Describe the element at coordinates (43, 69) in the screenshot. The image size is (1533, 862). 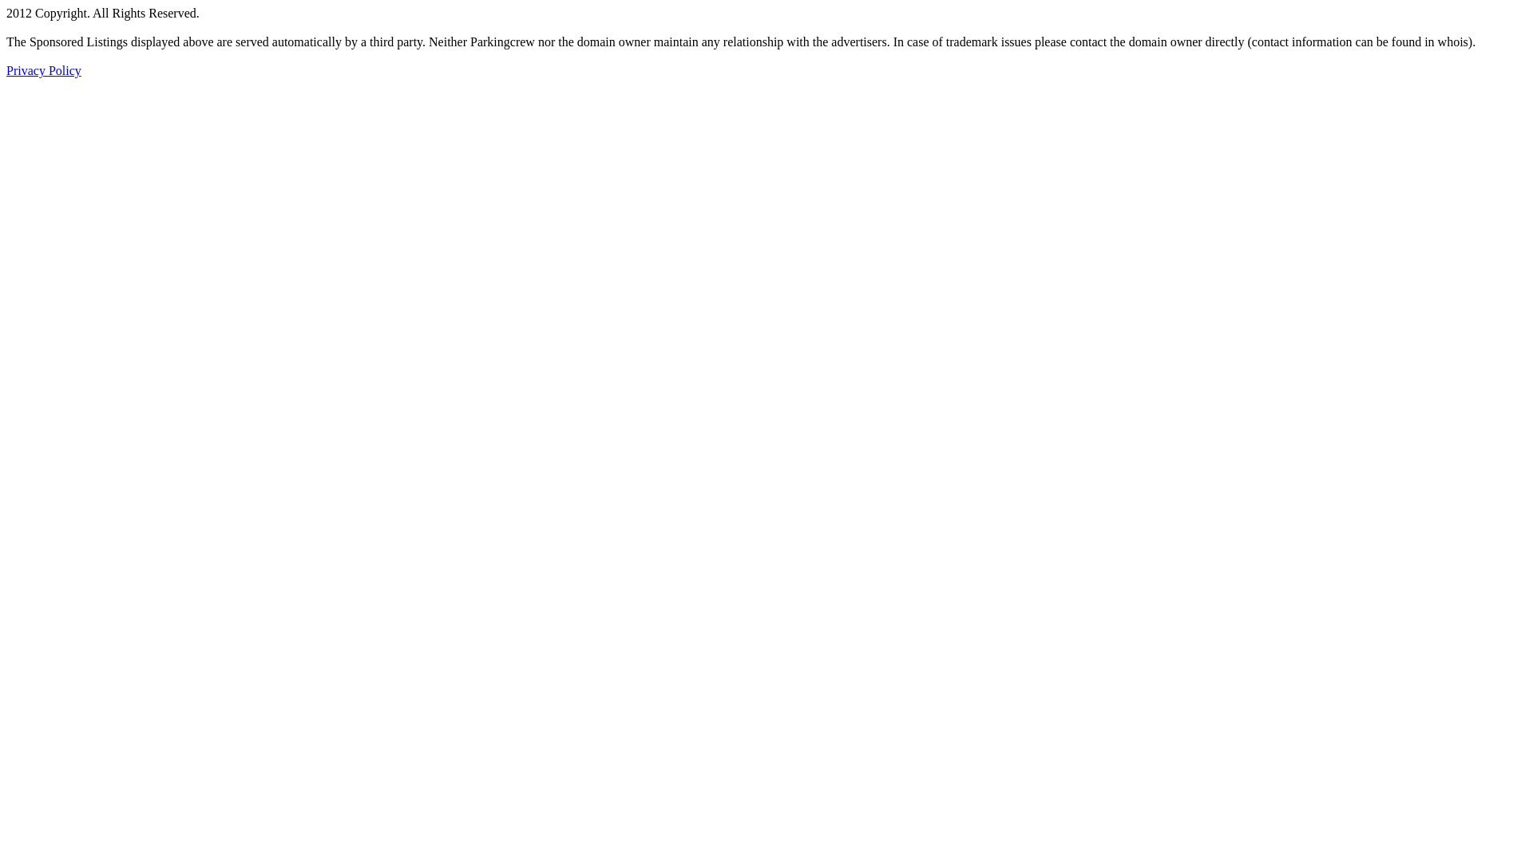
I see `'Privacy Policy'` at that location.